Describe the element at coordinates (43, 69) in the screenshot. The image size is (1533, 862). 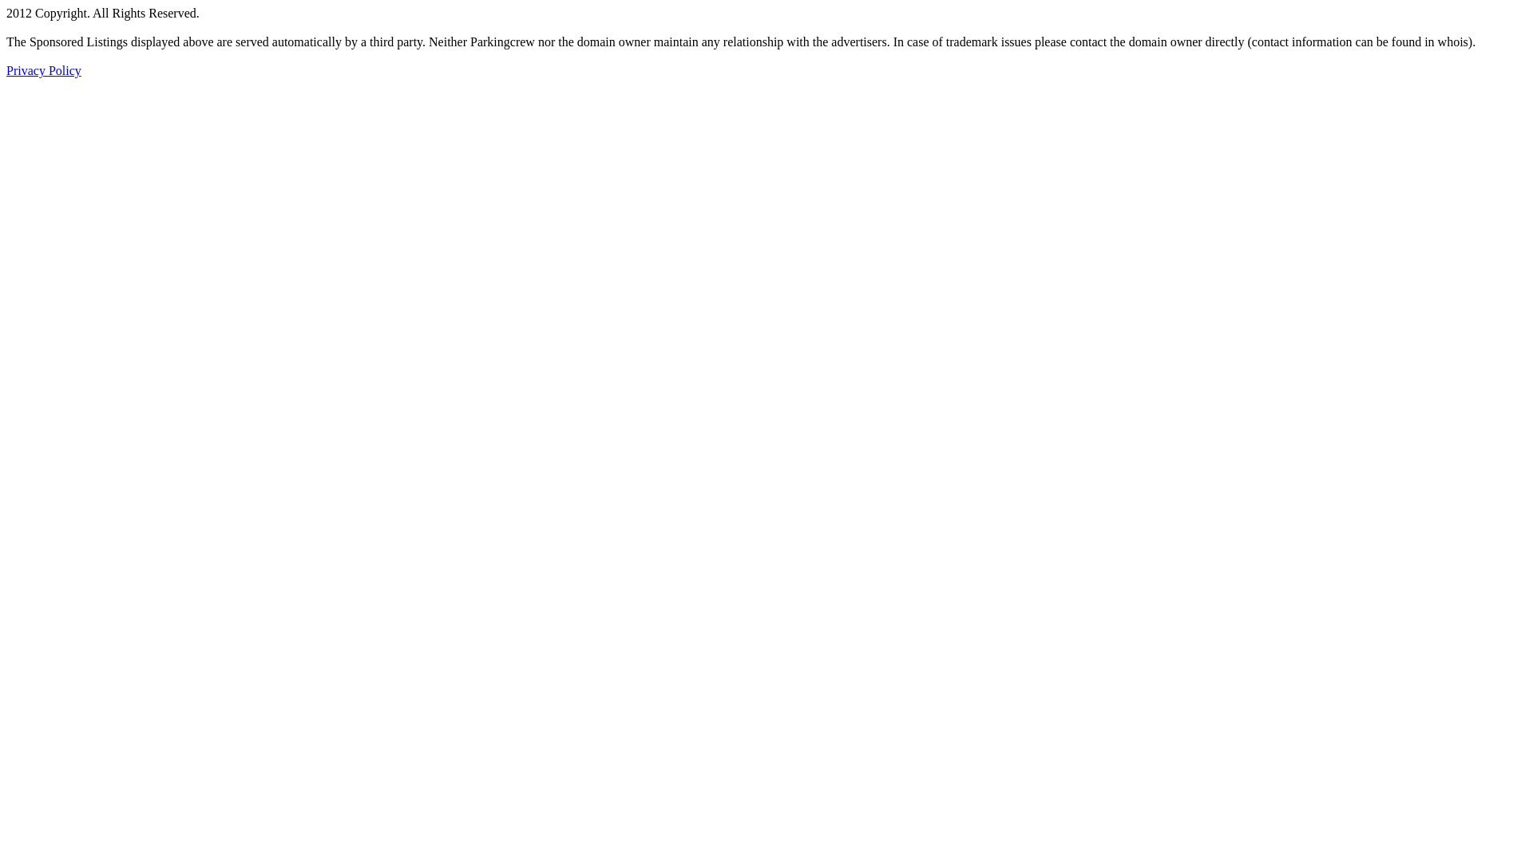
I see `'Privacy Policy'` at that location.